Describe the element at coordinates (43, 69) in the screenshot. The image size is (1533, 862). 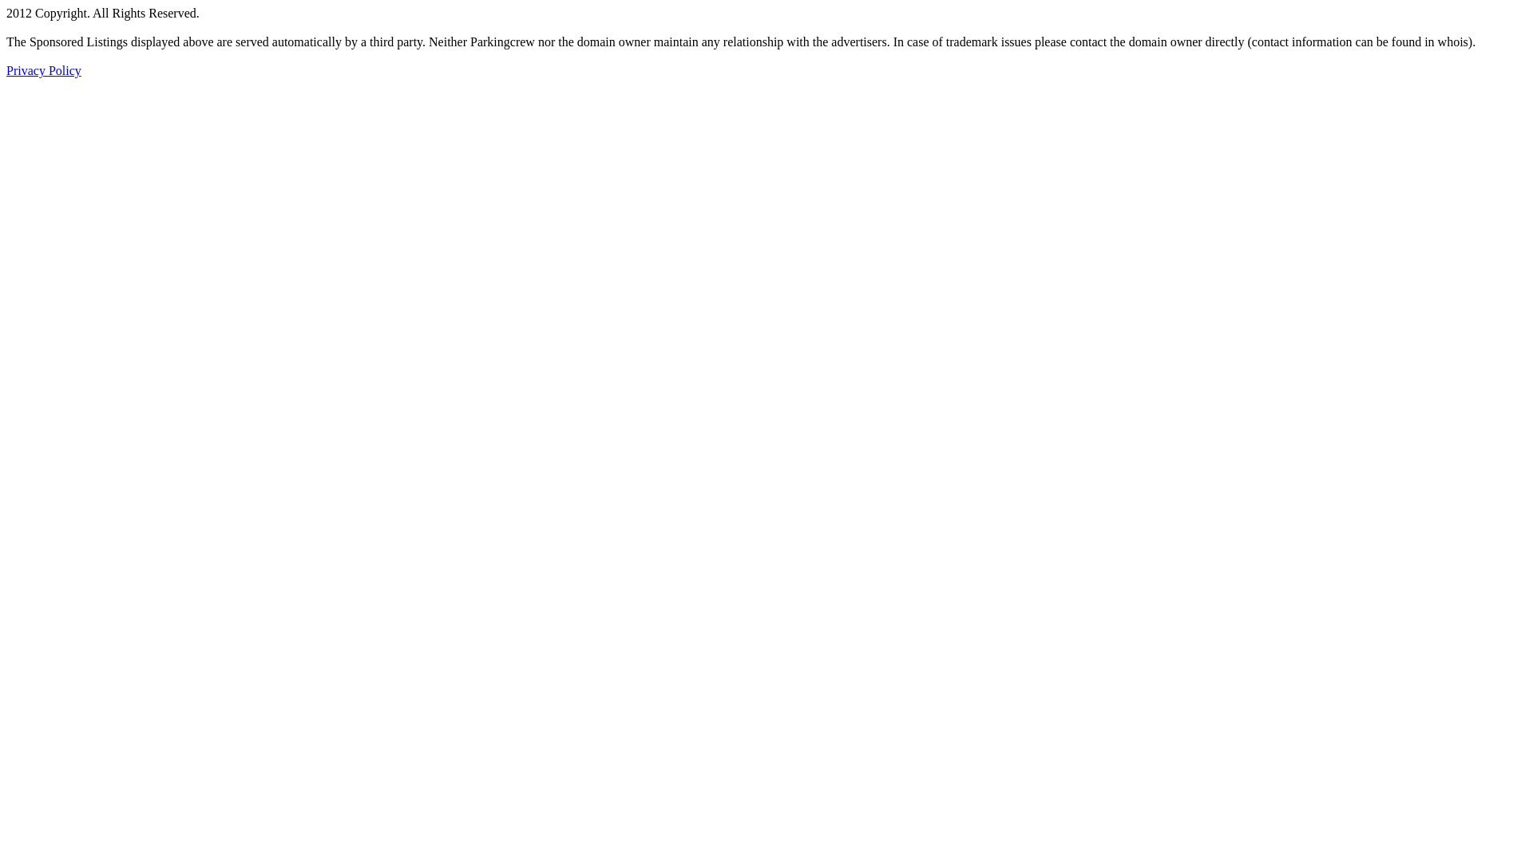
I see `'Privacy Policy'` at that location.